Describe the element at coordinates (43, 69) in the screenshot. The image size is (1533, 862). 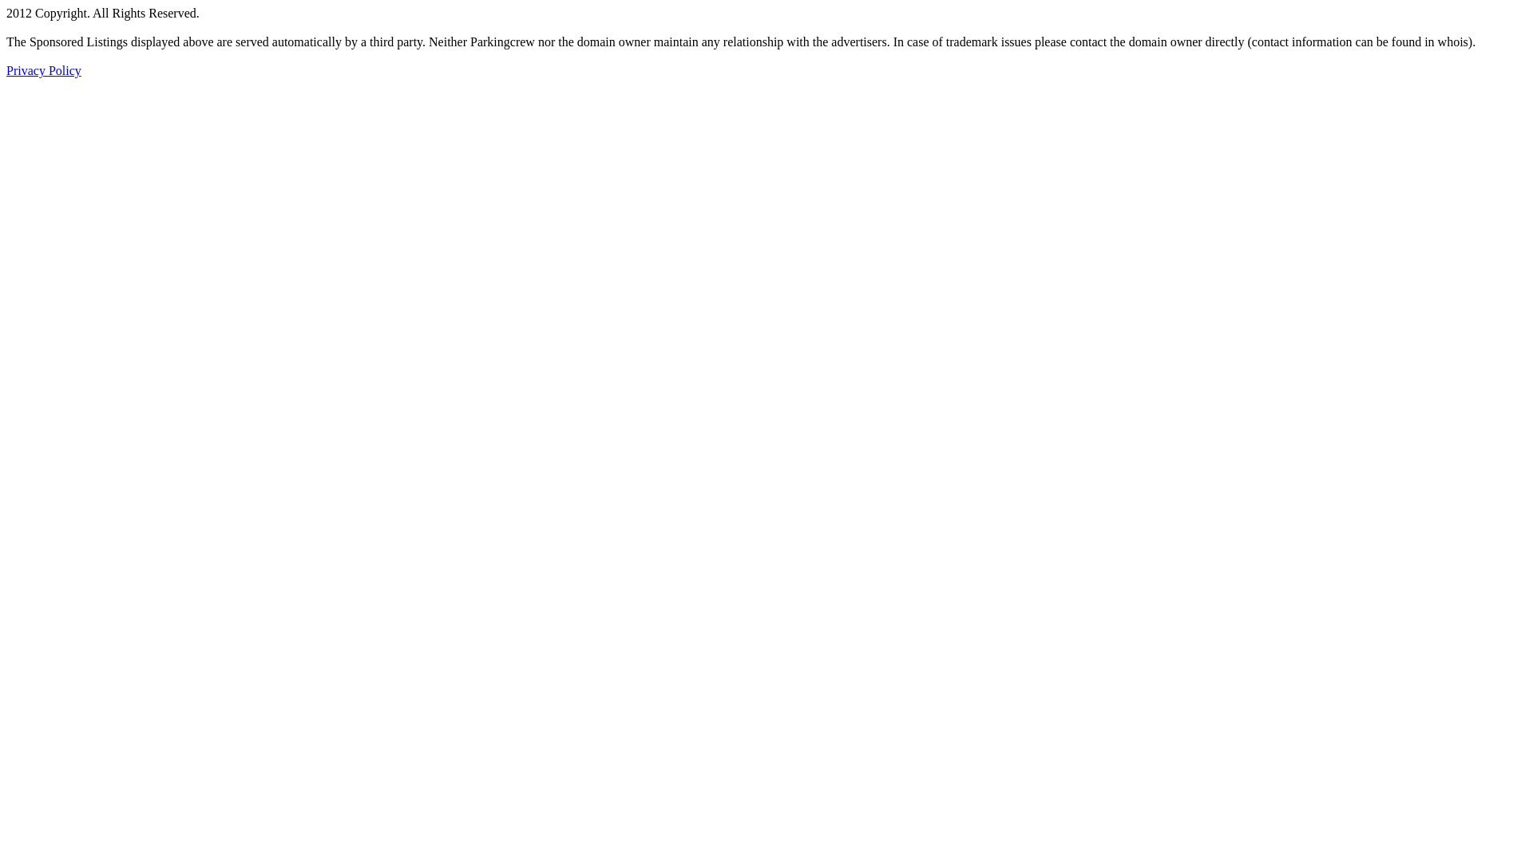
I see `'Privacy Policy'` at that location.